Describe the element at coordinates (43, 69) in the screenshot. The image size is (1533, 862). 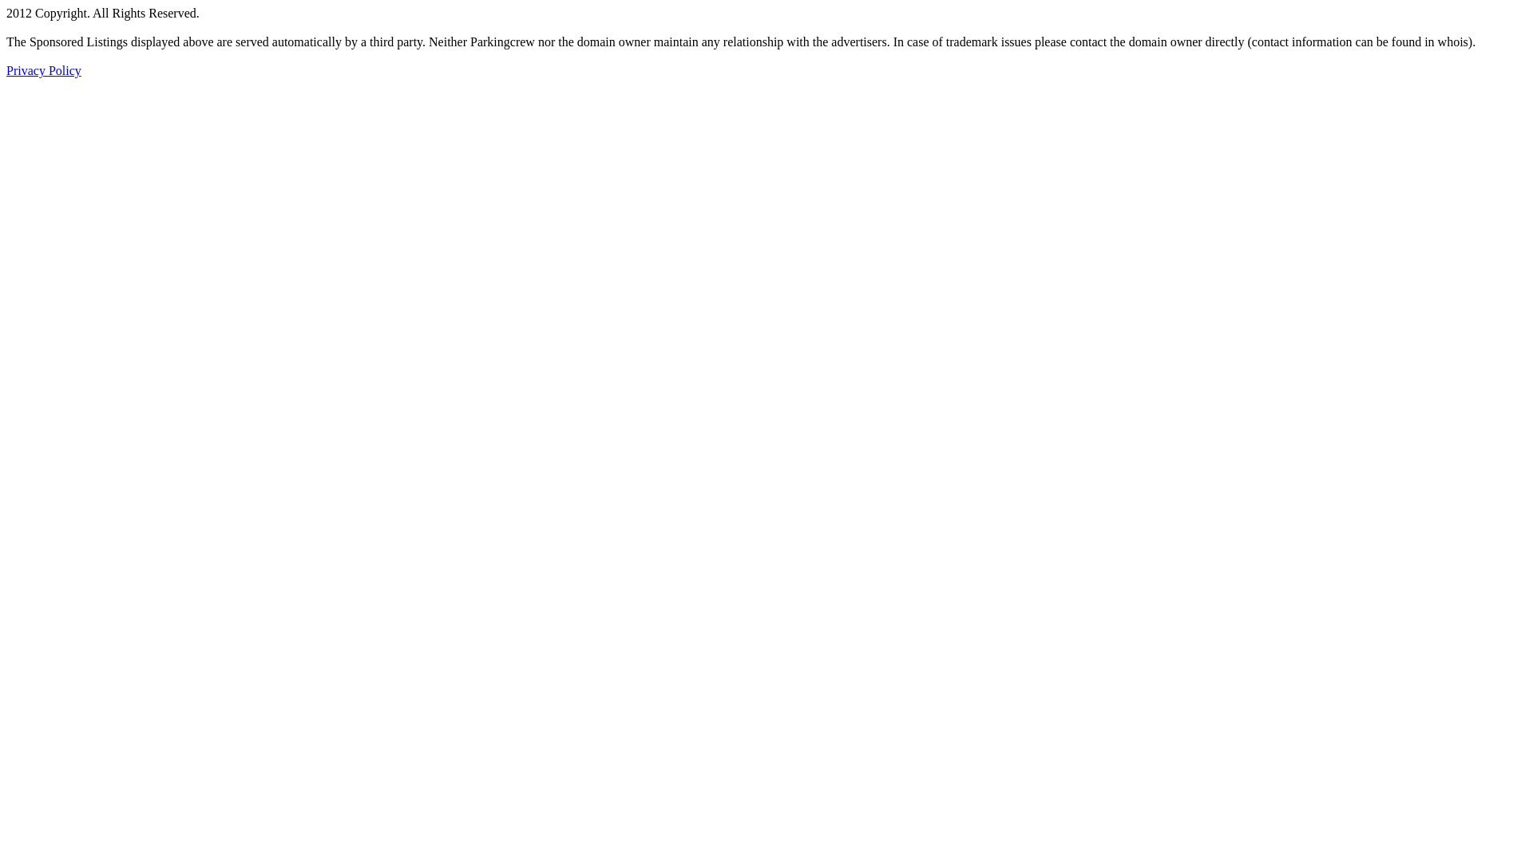
I see `'Privacy Policy'` at that location.